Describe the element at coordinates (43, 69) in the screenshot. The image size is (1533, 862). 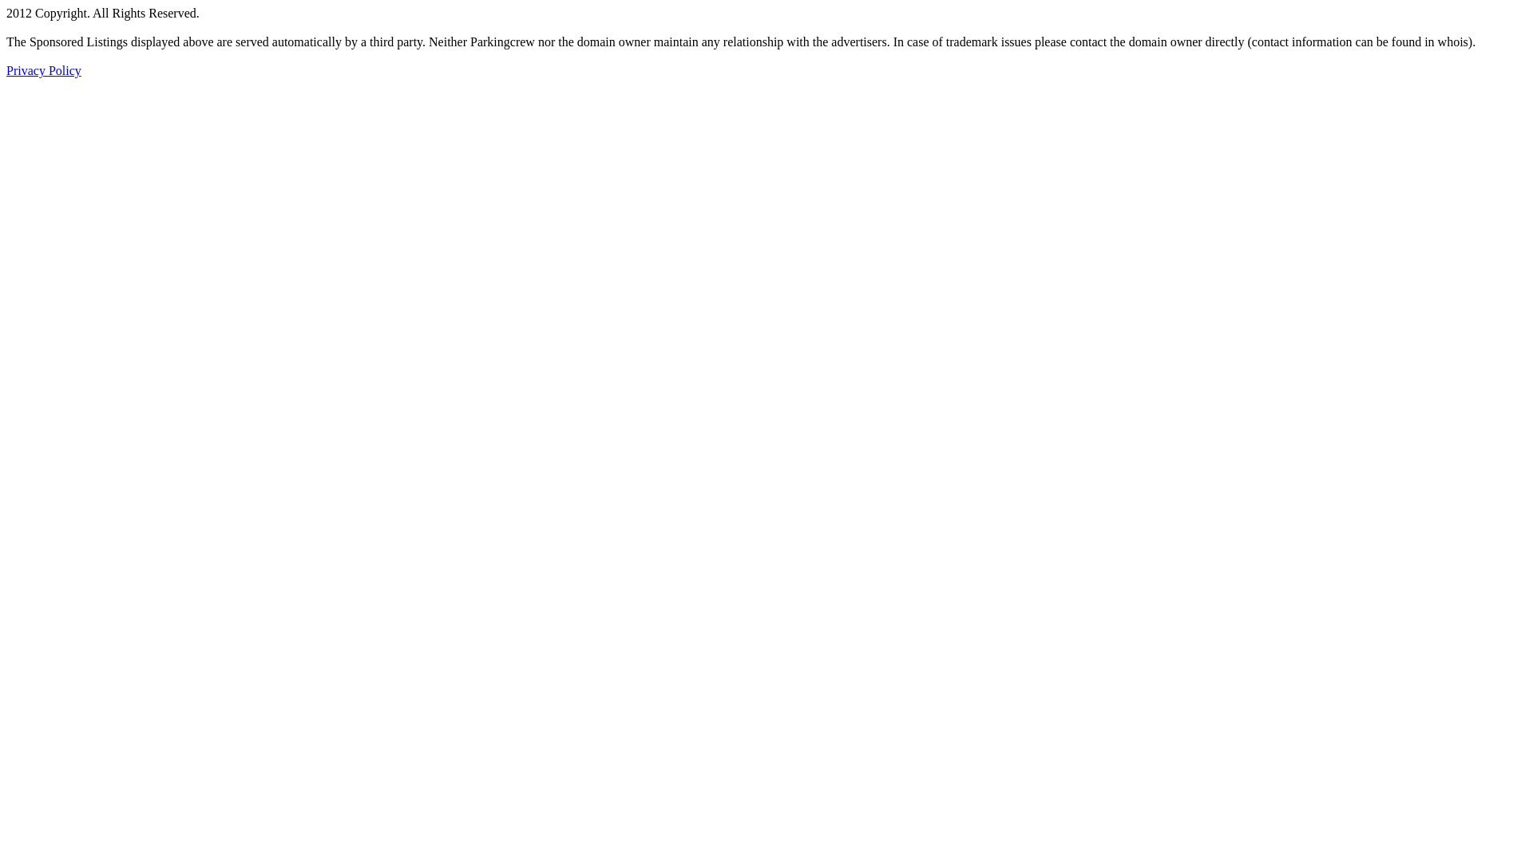
I see `'Privacy Policy'` at that location.